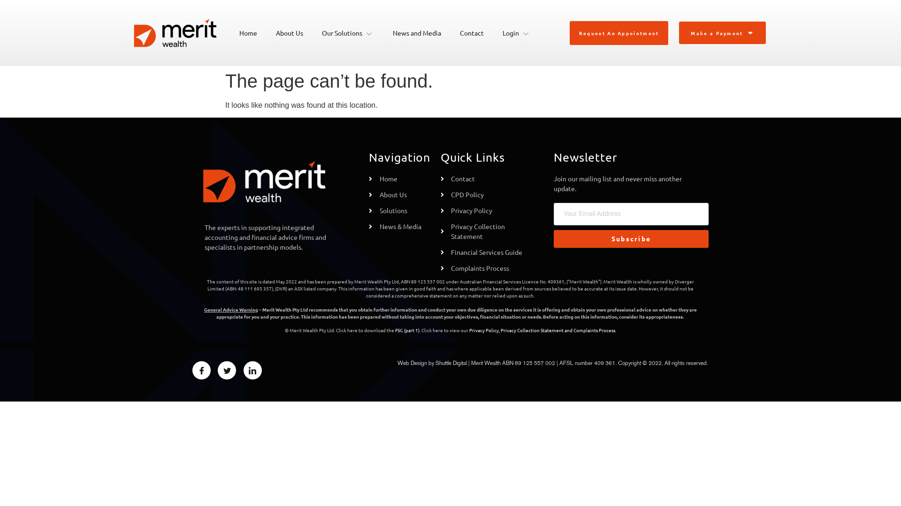 The width and height of the screenshot is (901, 506). Describe the element at coordinates (485, 231) in the screenshot. I see `'Privacy Collection Statement'` at that location.